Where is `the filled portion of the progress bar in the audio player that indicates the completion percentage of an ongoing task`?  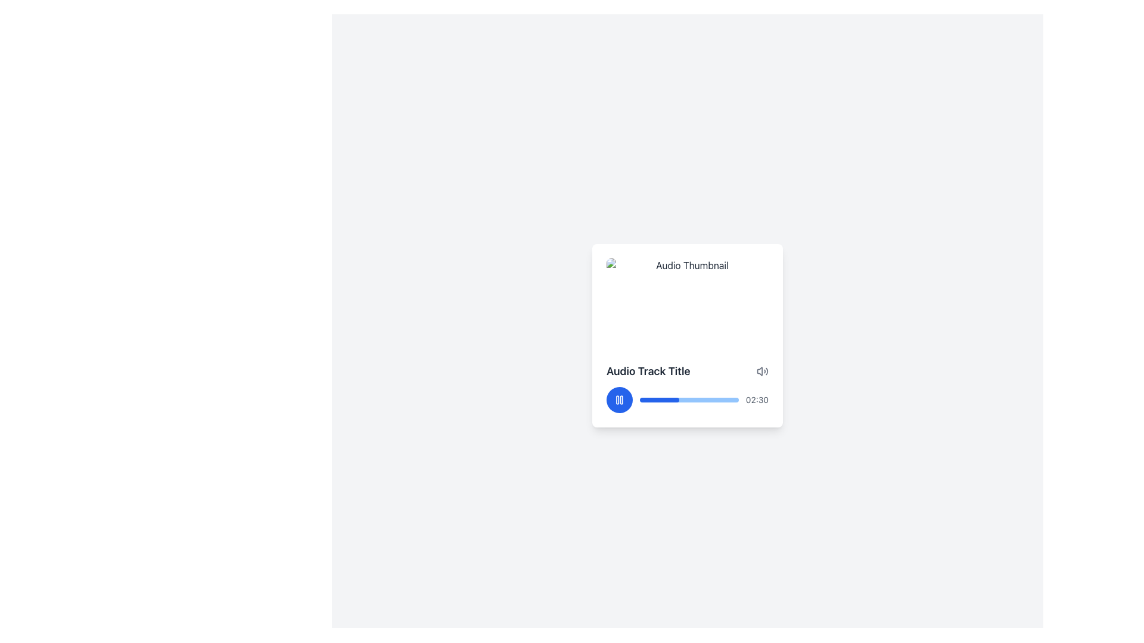 the filled portion of the progress bar in the audio player that indicates the completion percentage of an ongoing task is located at coordinates (659, 399).